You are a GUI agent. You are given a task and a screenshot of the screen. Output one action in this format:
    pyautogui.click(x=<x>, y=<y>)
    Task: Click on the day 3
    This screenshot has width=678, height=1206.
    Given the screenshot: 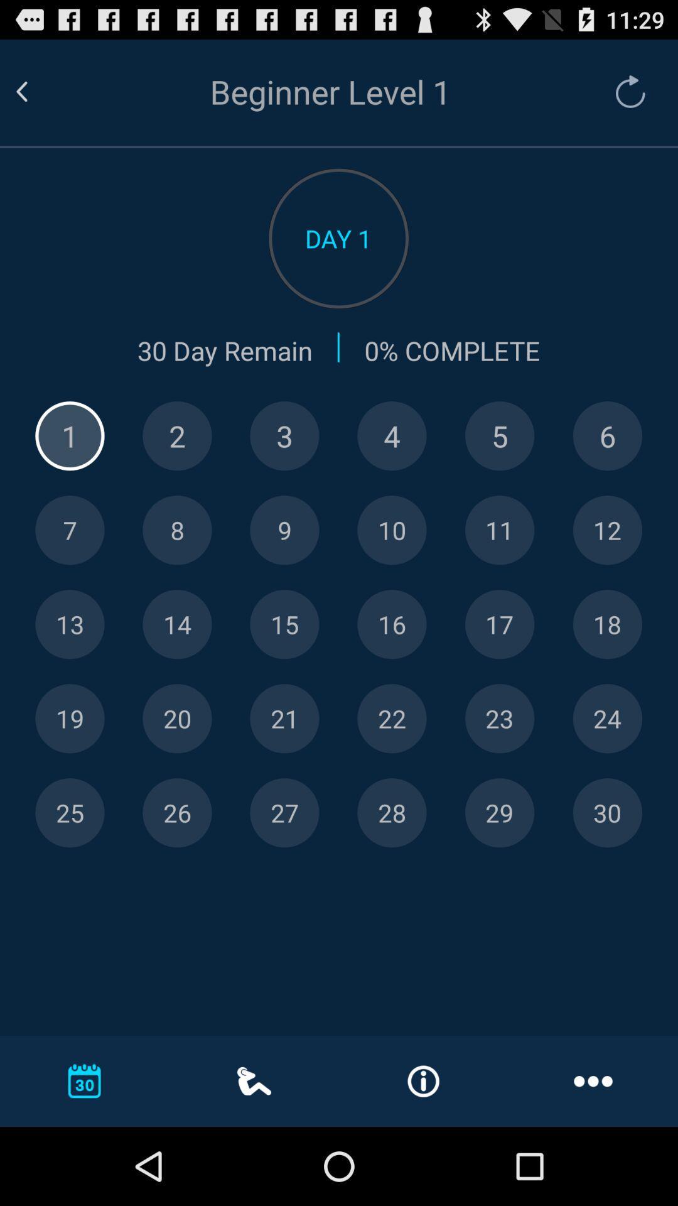 What is the action you would take?
    pyautogui.click(x=284, y=436)
    